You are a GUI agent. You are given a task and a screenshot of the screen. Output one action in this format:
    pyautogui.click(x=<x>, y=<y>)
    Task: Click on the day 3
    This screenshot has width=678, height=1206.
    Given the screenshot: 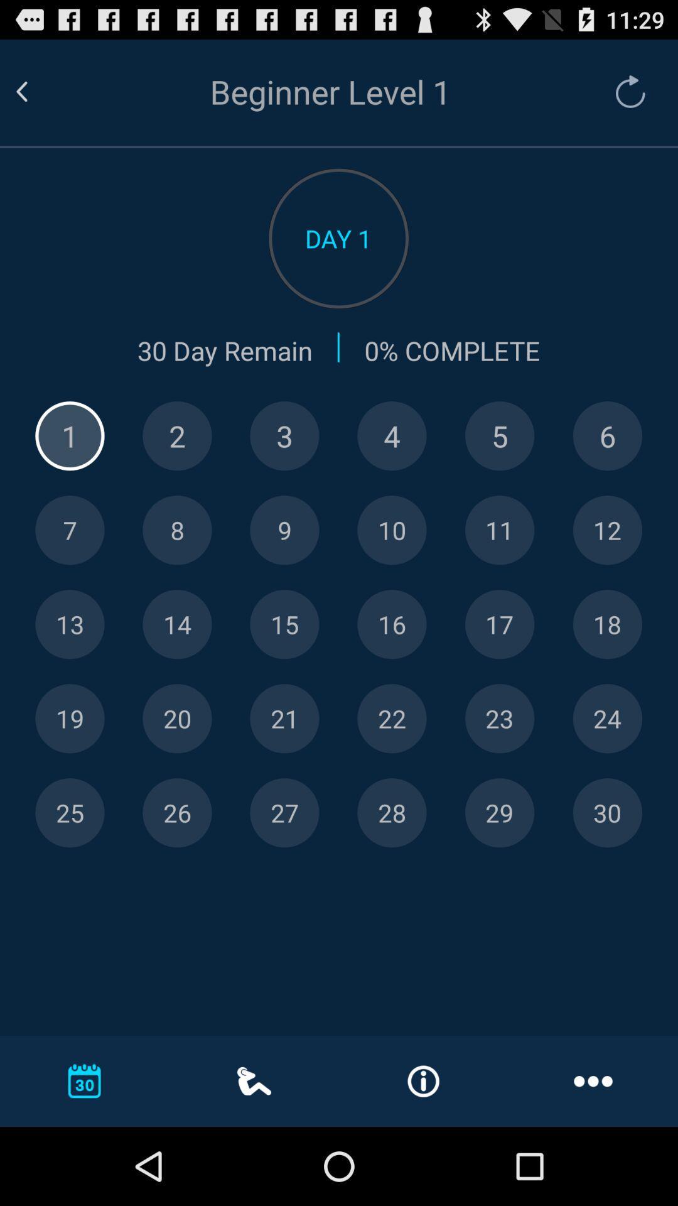 What is the action you would take?
    pyautogui.click(x=284, y=436)
    